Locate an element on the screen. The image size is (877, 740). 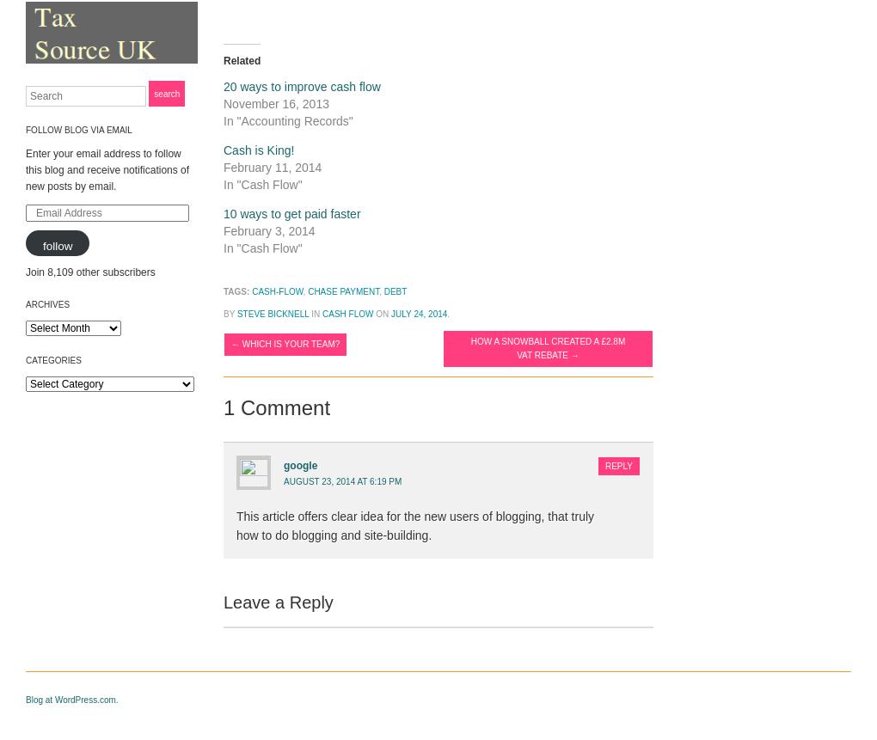
'Join 8,109 other subscribers' is located at coordinates (89, 270).